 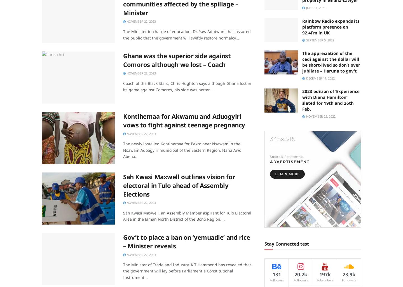 I want to click on 'Sah Kwasi Maxwell, an Assembly Member aspirant for Tulo Electoral Area in the Jaman North District of the Bono Region,...', so click(x=187, y=216).